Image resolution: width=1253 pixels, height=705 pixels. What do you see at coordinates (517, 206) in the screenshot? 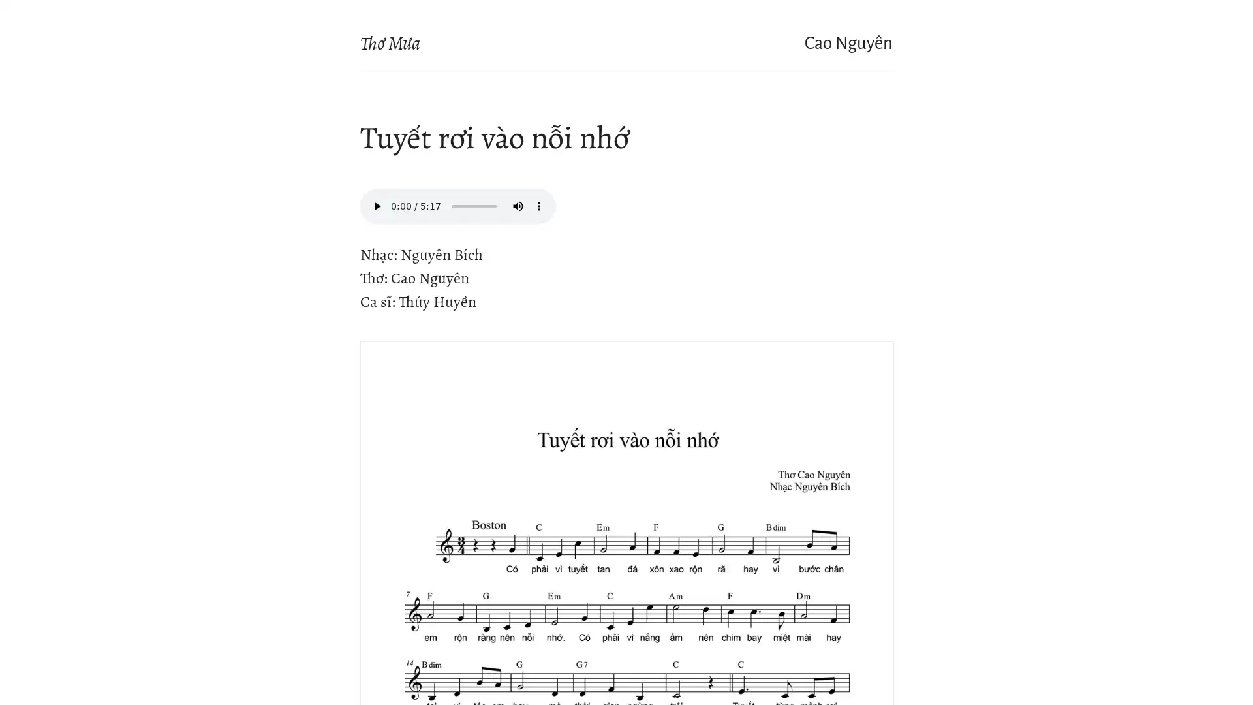
I see `mute` at bounding box center [517, 206].